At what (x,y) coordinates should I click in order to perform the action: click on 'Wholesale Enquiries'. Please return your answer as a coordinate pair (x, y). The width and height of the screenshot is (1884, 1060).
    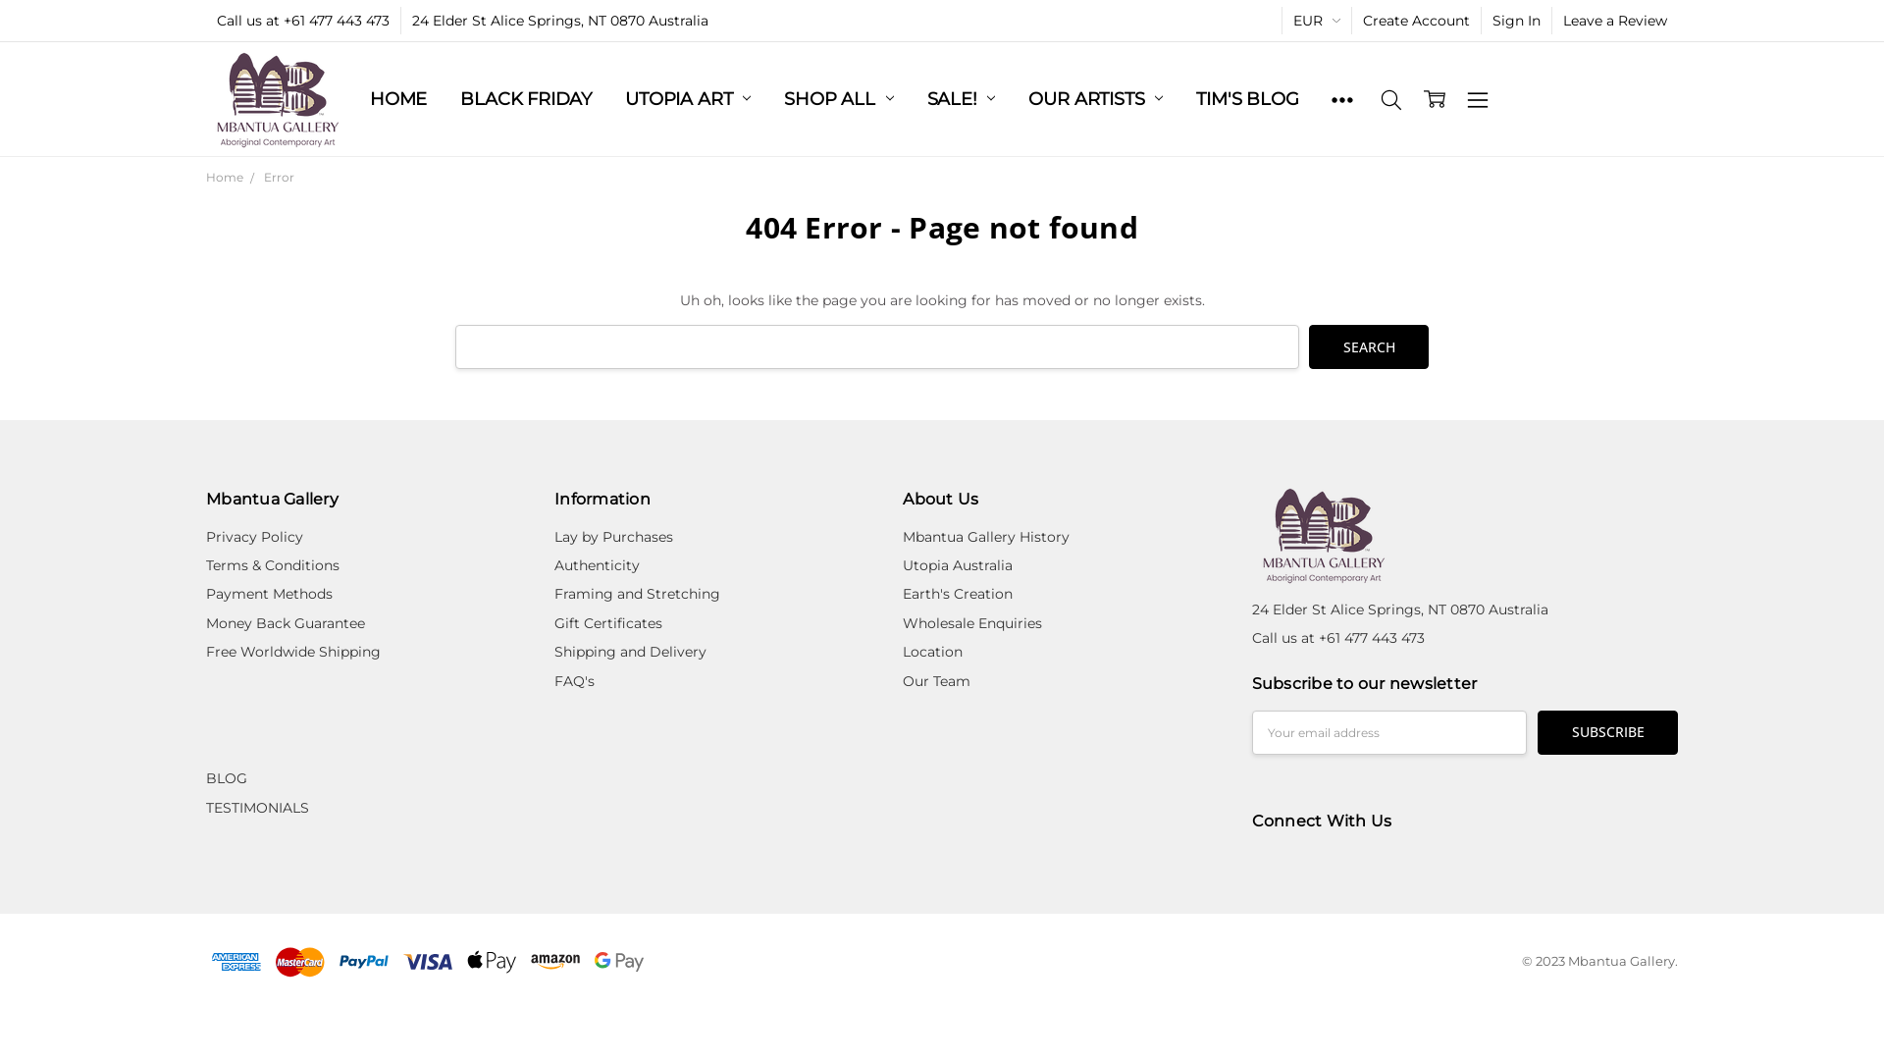
    Looking at the image, I should click on (971, 623).